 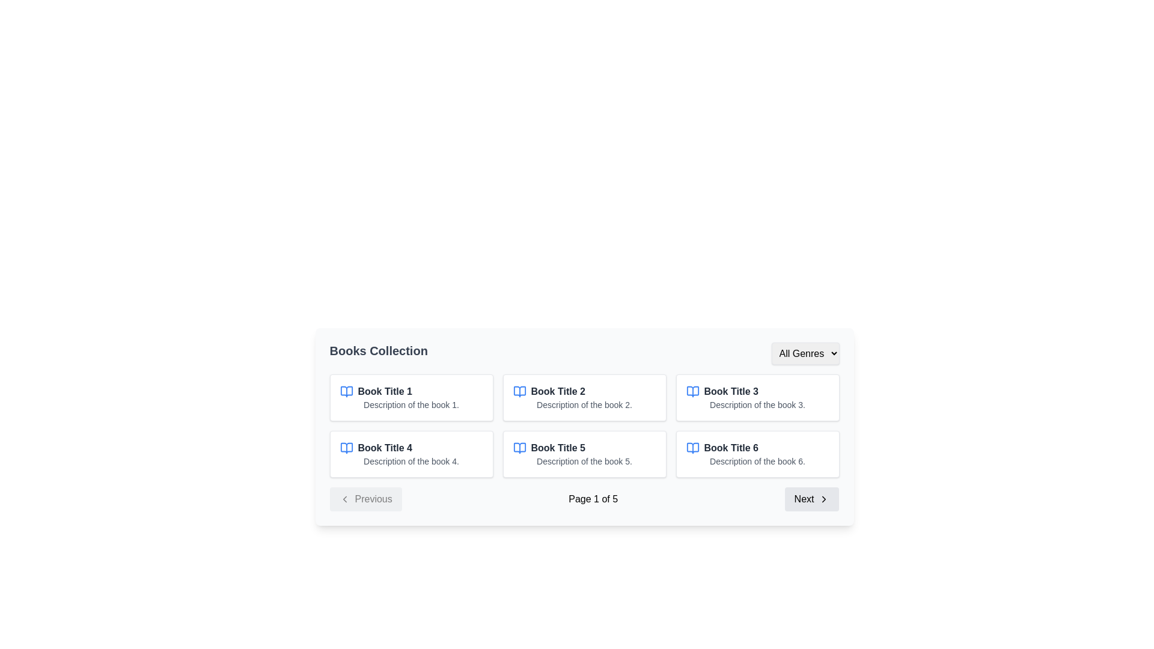 I want to click on the book icon representing 'Book Title 3', so click(x=692, y=391).